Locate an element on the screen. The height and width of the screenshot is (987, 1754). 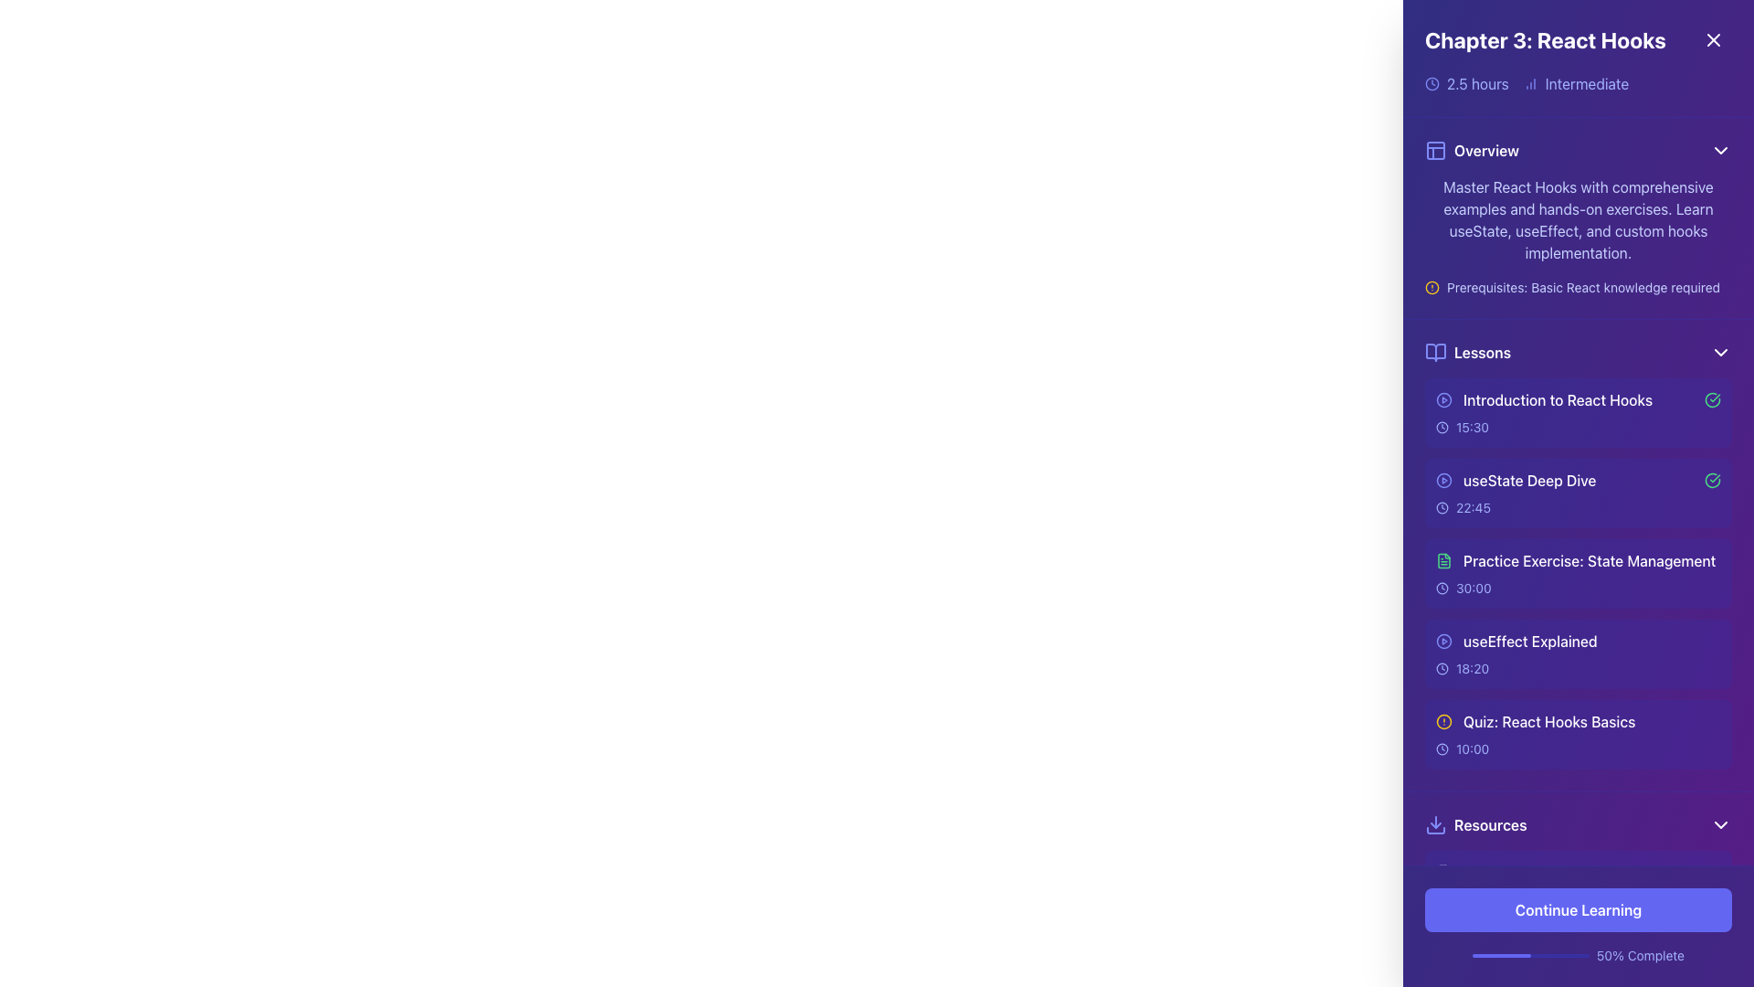
the circle graphic within the play button iconography, which is located in the fourth item of a vertically stacked list in a sidebar, associated with the lesson titled 'useEffect Explained' is located at coordinates (1442, 641).